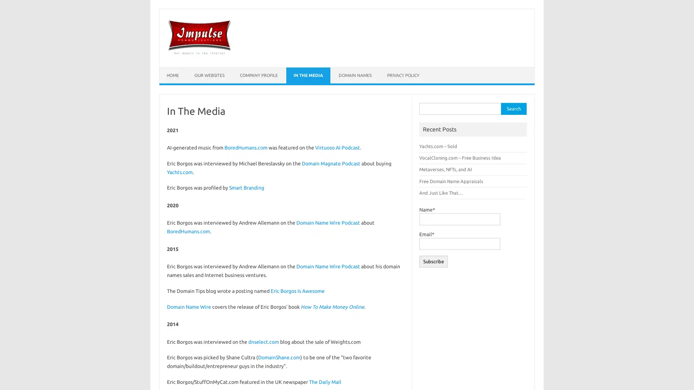  What do you see at coordinates (513, 109) in the screenshot?
I see `Search` at bounding box center [513, 109].